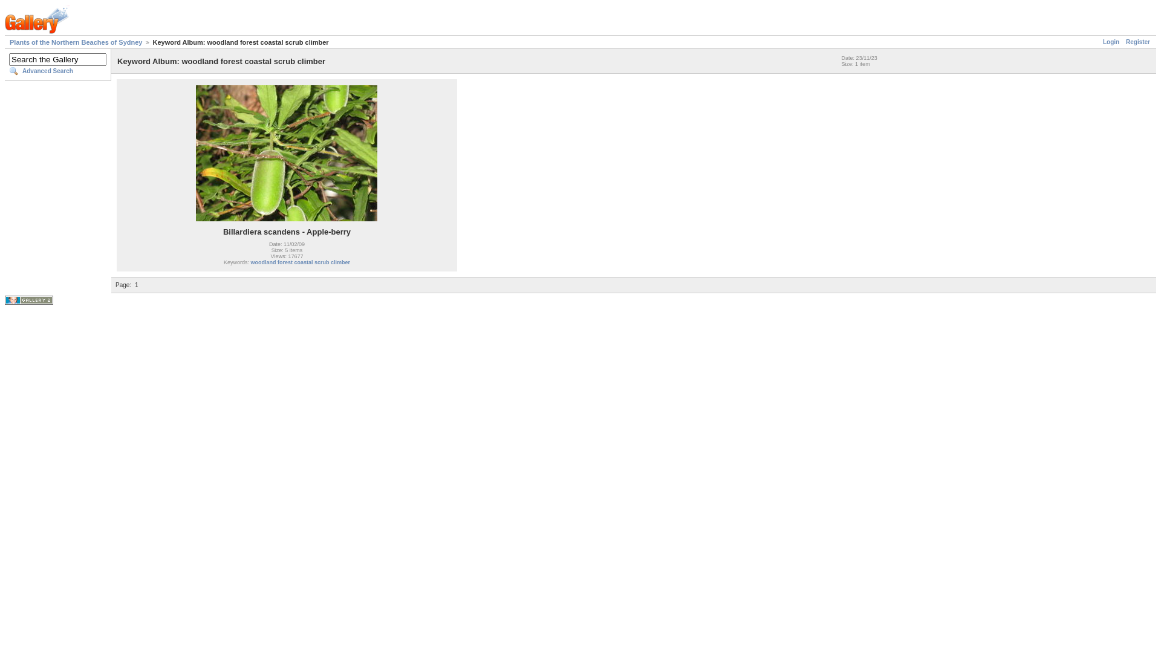  What do you see at coordinates (57, 71) in the screenshot?
I see `'Advanced Search'` at bounding box center [57, 71].